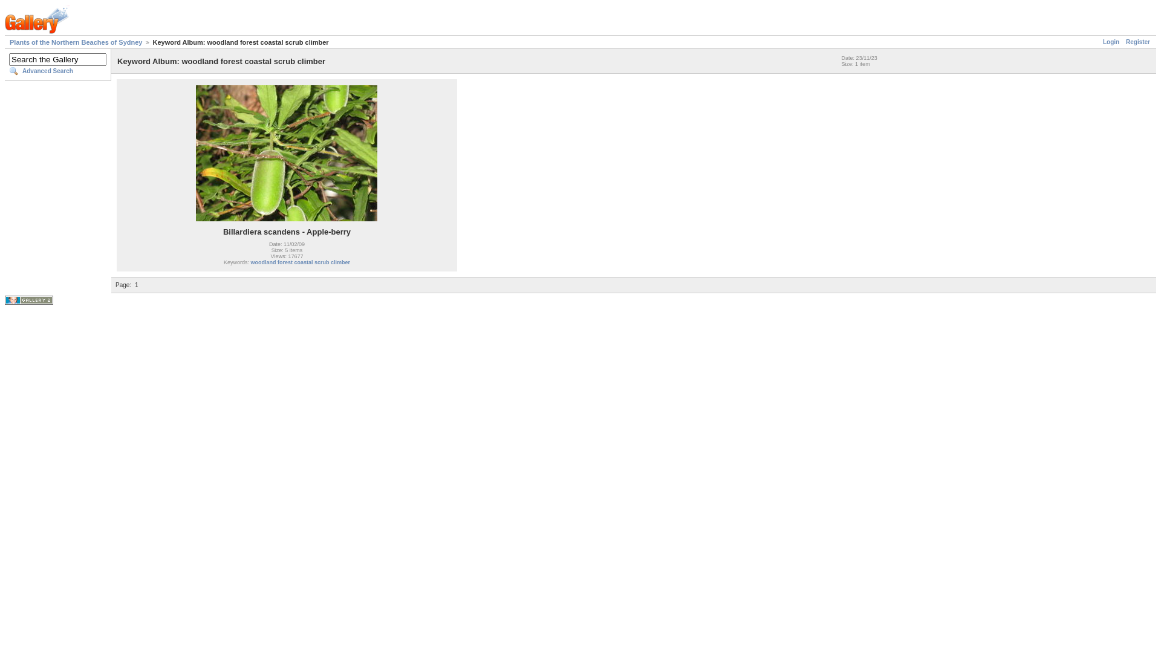  What do you see at coordinates (57, 71) in the screenshot?
I see `'Advanced Search'` at bounding box center [57, 71].